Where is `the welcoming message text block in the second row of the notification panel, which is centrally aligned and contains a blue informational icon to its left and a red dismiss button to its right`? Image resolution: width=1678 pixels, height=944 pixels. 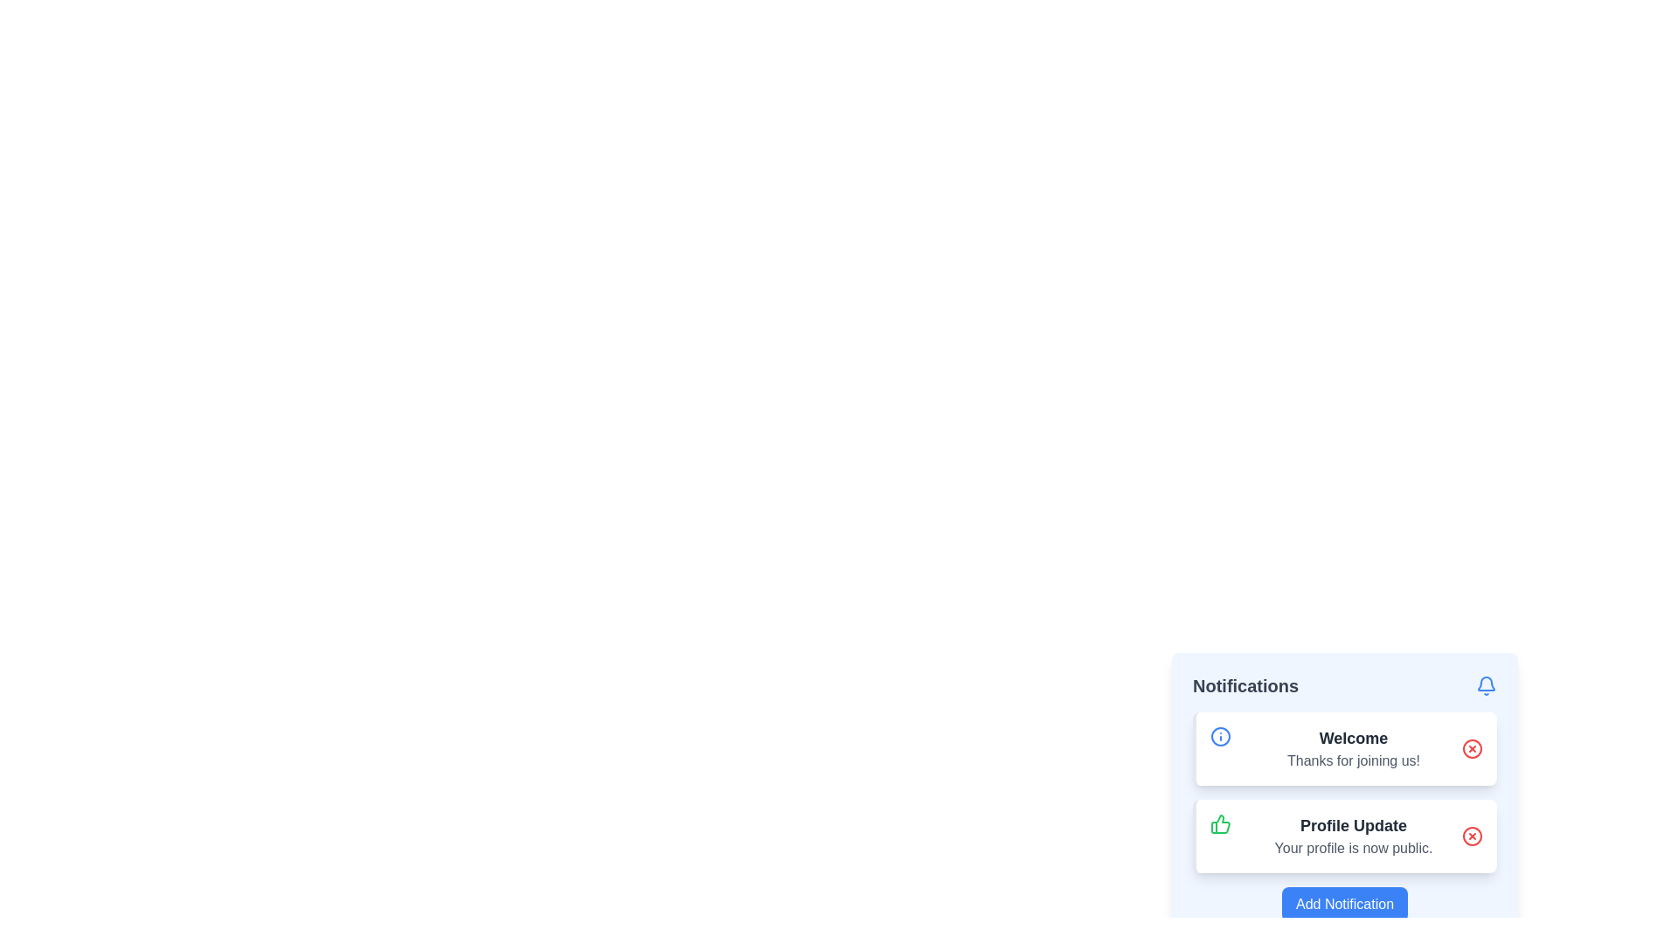
the welcoming message text block in the second row of the notification panel, which is centrally aligned and contains a blue informational icon to its left and a red dismiss button to its right is located at coordinates (1353, 747).